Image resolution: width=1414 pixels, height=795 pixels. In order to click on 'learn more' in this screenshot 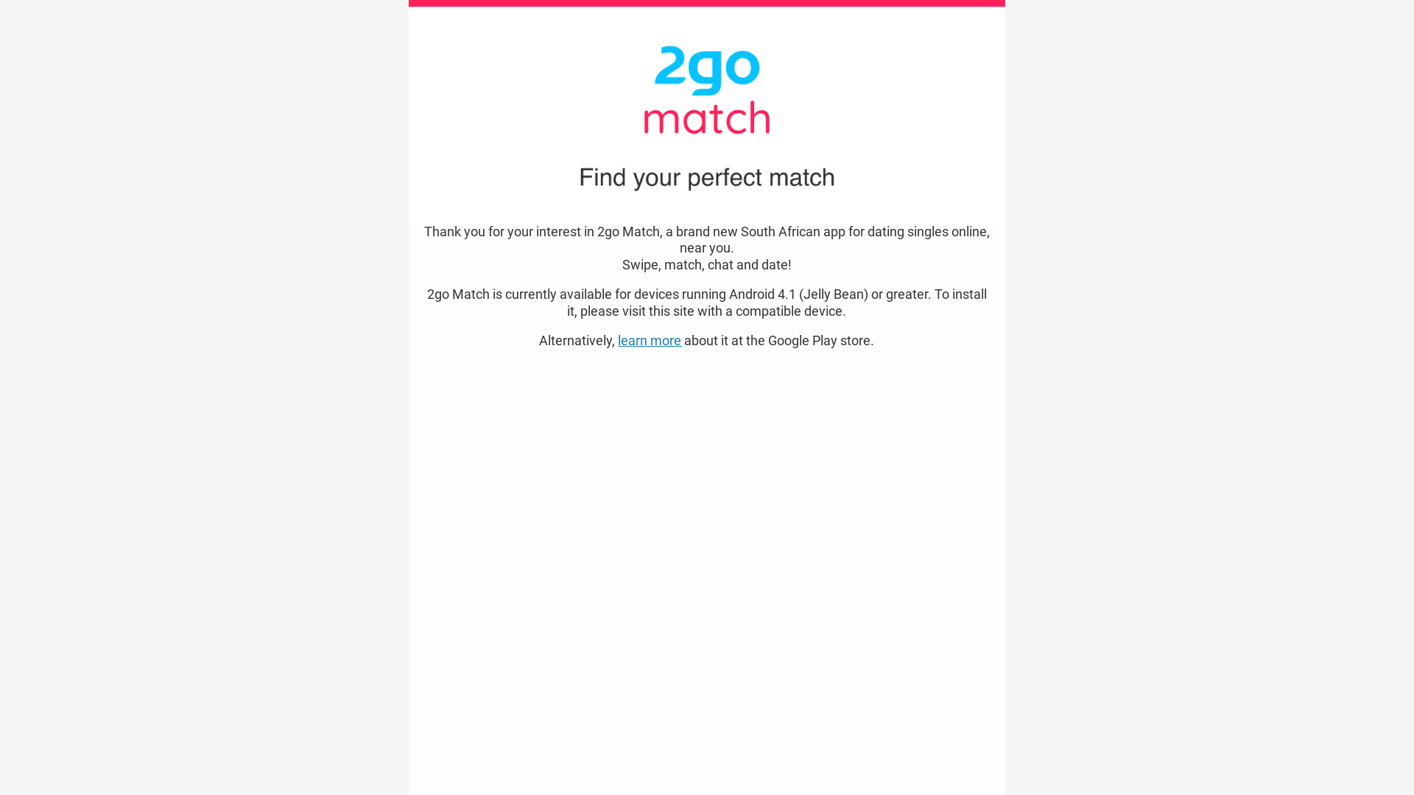, I will do `click(649, 340)`.